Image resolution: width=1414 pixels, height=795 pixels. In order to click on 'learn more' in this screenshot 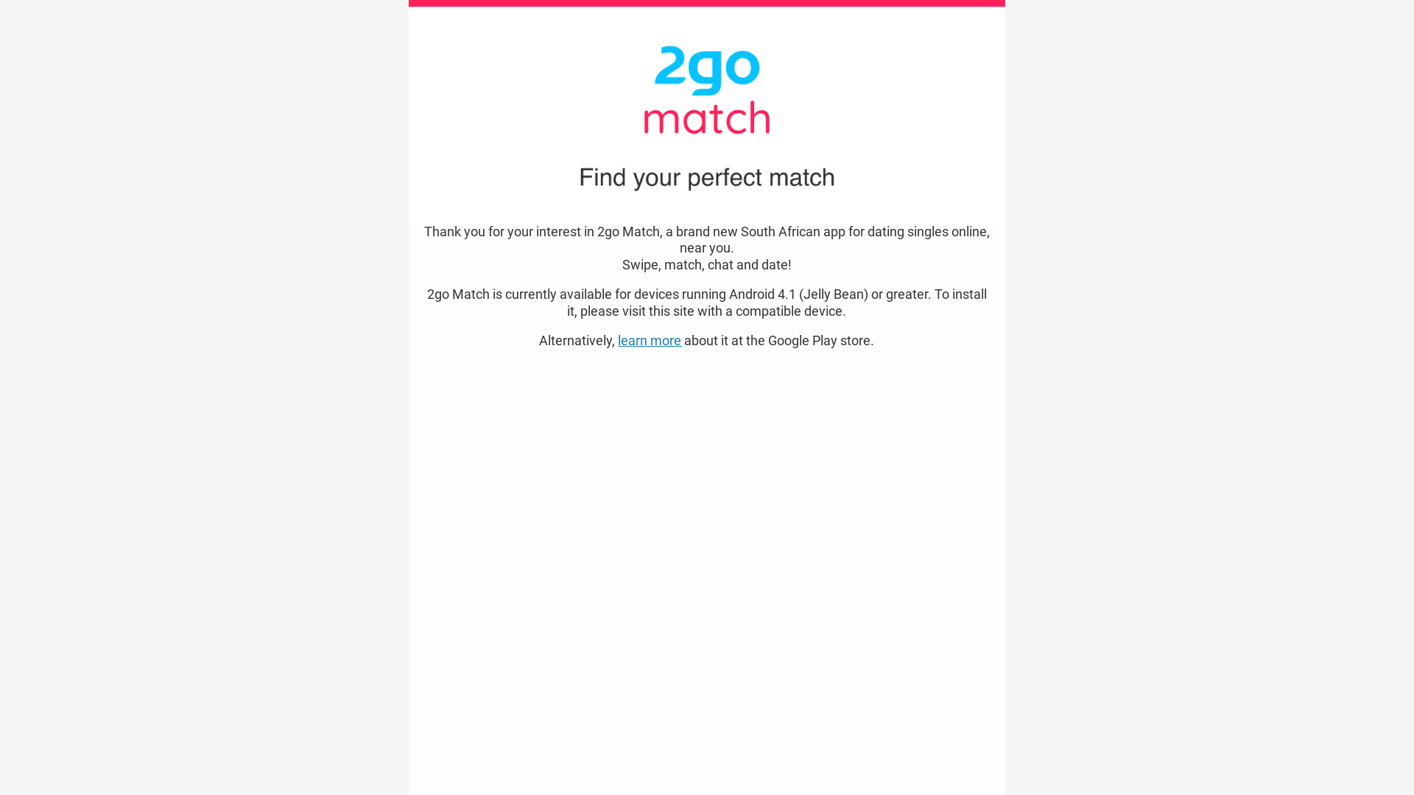, I will do `click(649, 340)`.